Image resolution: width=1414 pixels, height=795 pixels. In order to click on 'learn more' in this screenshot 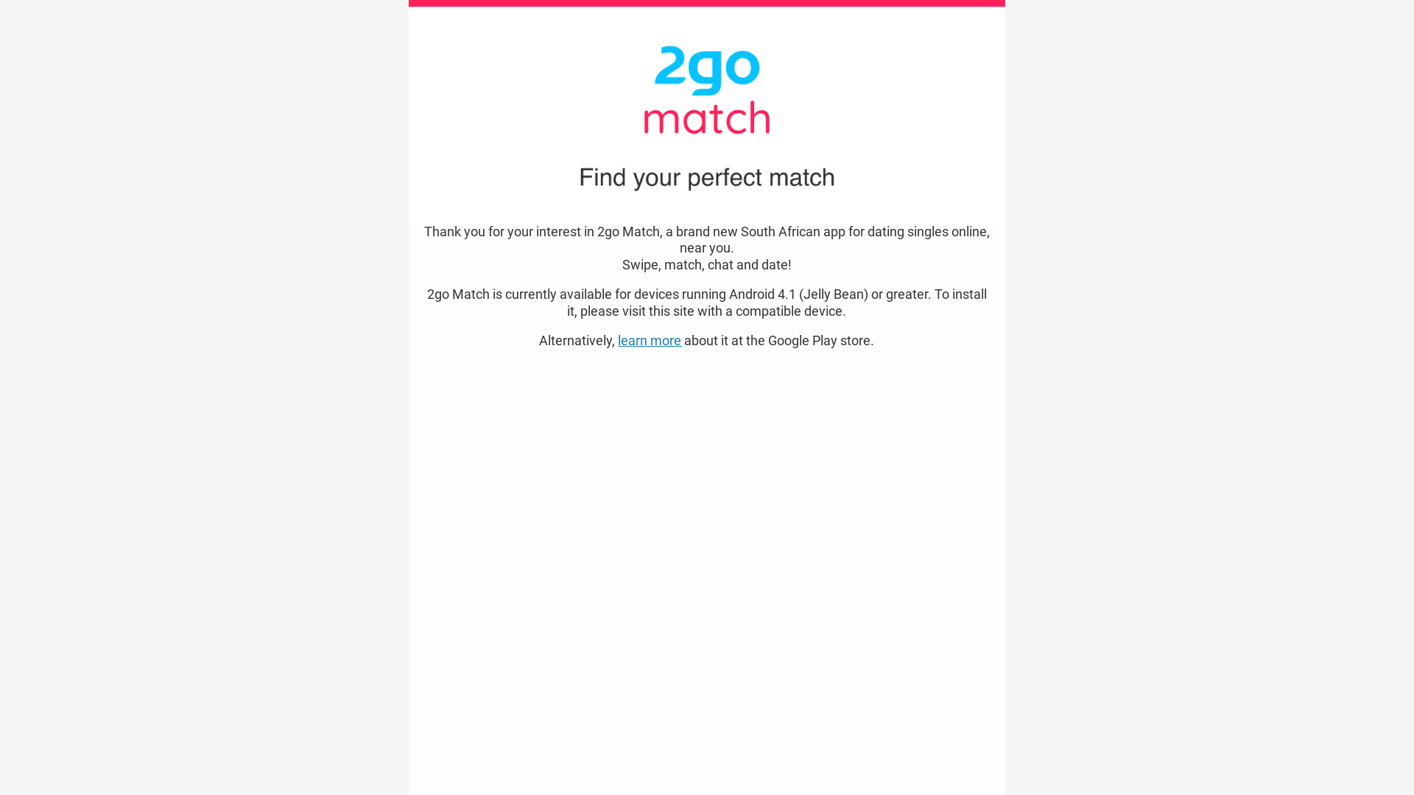, I will do `click(649, 340)`.